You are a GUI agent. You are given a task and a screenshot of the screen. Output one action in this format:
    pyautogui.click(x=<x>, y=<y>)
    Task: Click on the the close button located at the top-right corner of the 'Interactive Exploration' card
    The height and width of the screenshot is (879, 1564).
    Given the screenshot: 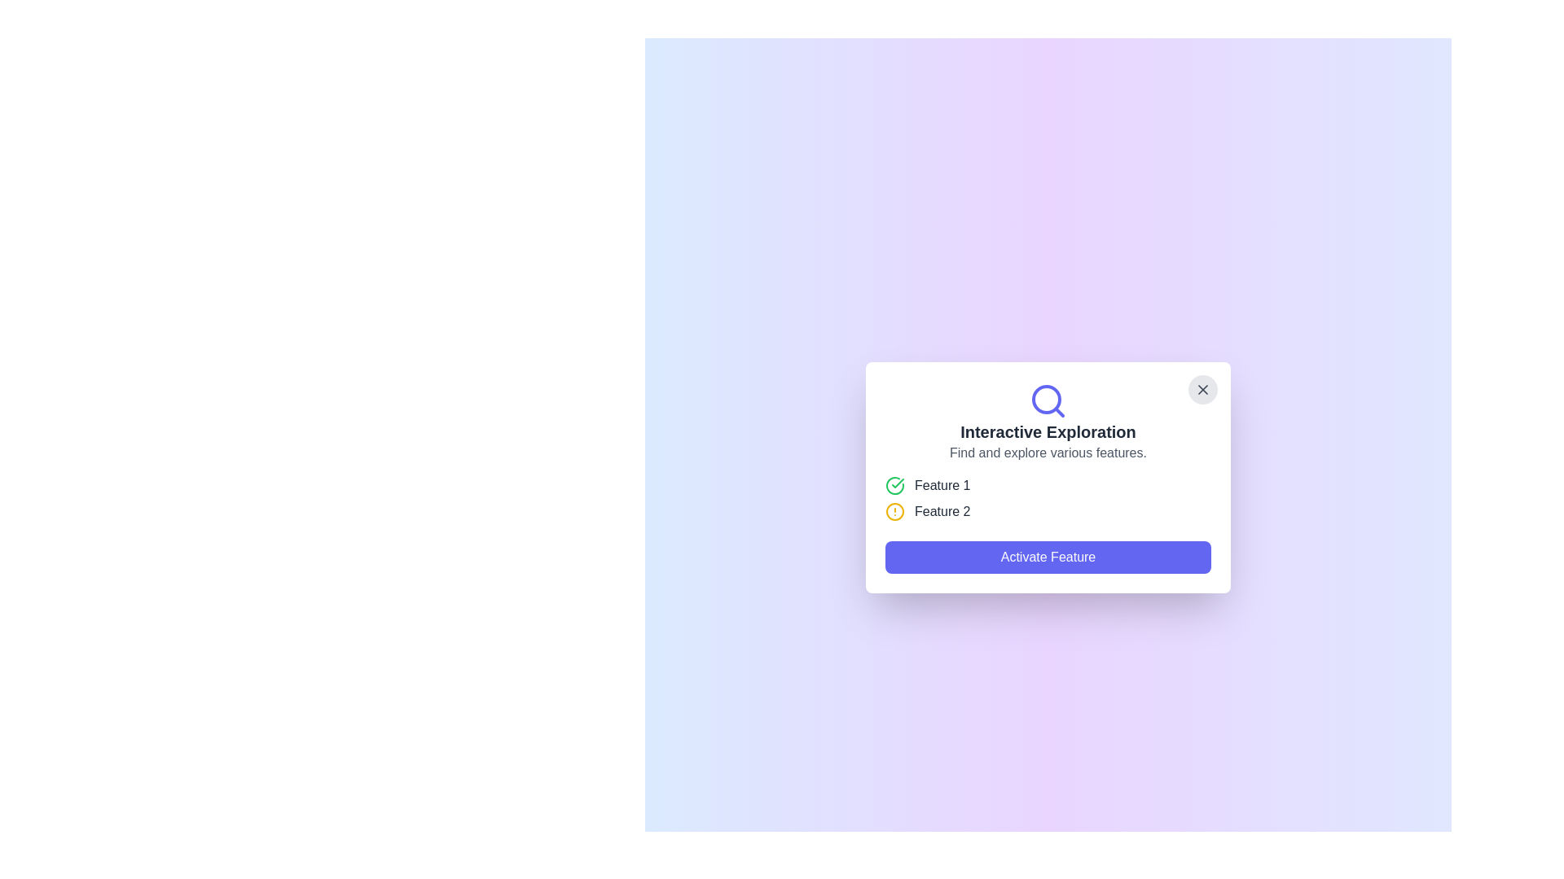 What is the action you would take?
    pyautogui.click(x=1203, y=389)
    